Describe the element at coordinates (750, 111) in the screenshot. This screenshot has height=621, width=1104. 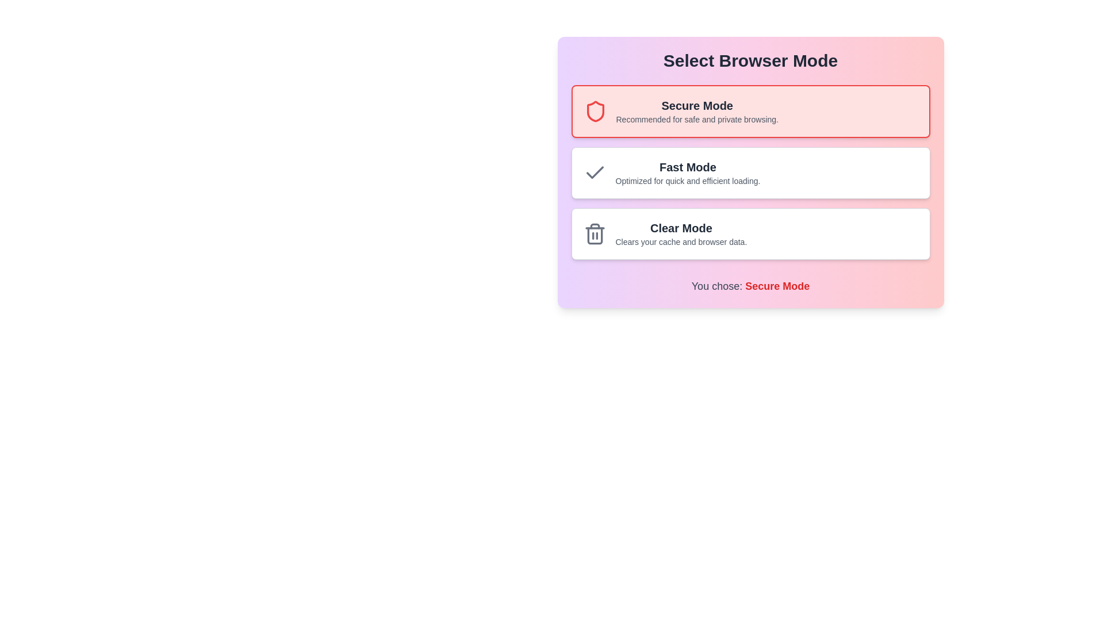
I see `the 'Secure Mode' option in the selection menu, which is the first item with a light red background and a shield icon` at that location.